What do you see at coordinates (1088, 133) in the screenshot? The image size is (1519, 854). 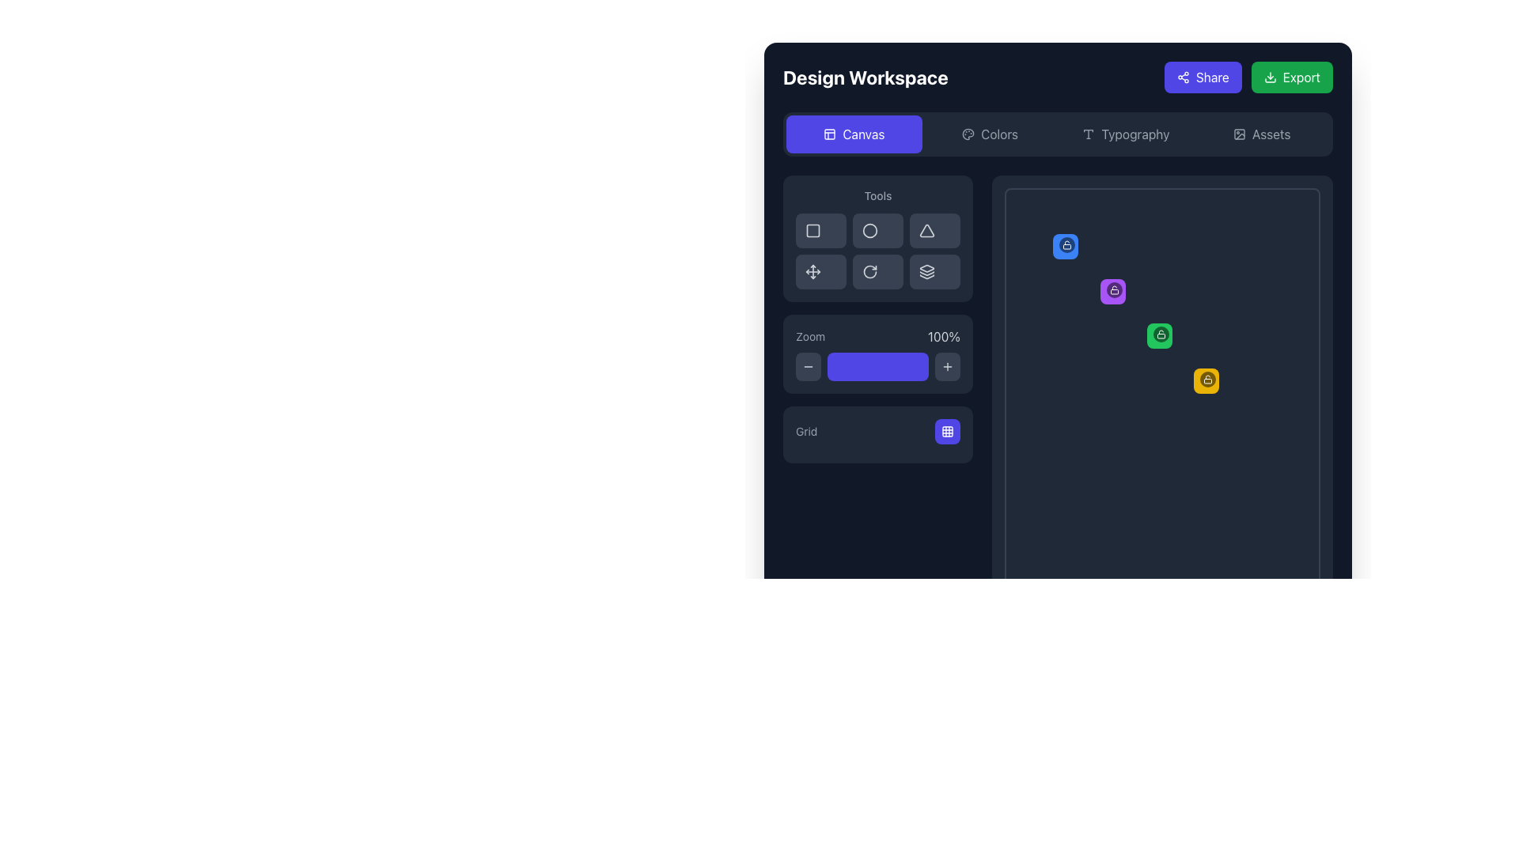 I see `the 'Typography' icon in the top menu bar` at bounding box center [1088, 133].